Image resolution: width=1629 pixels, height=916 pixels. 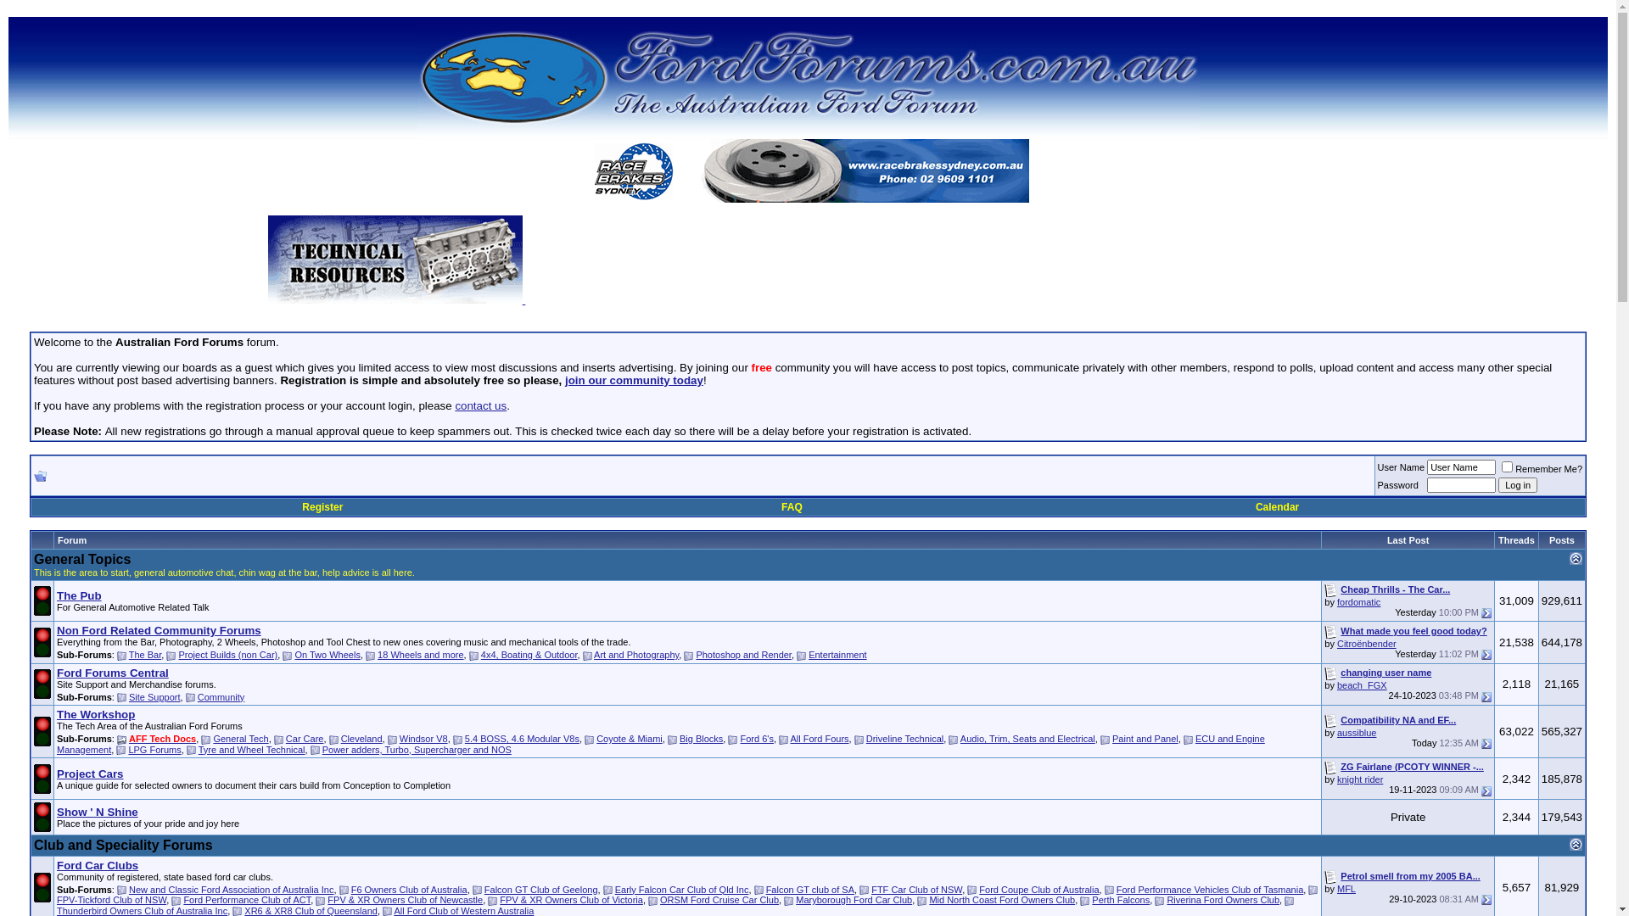 I want to click on 'Compatibility NA and EF...', so click(x=1397, y=719).